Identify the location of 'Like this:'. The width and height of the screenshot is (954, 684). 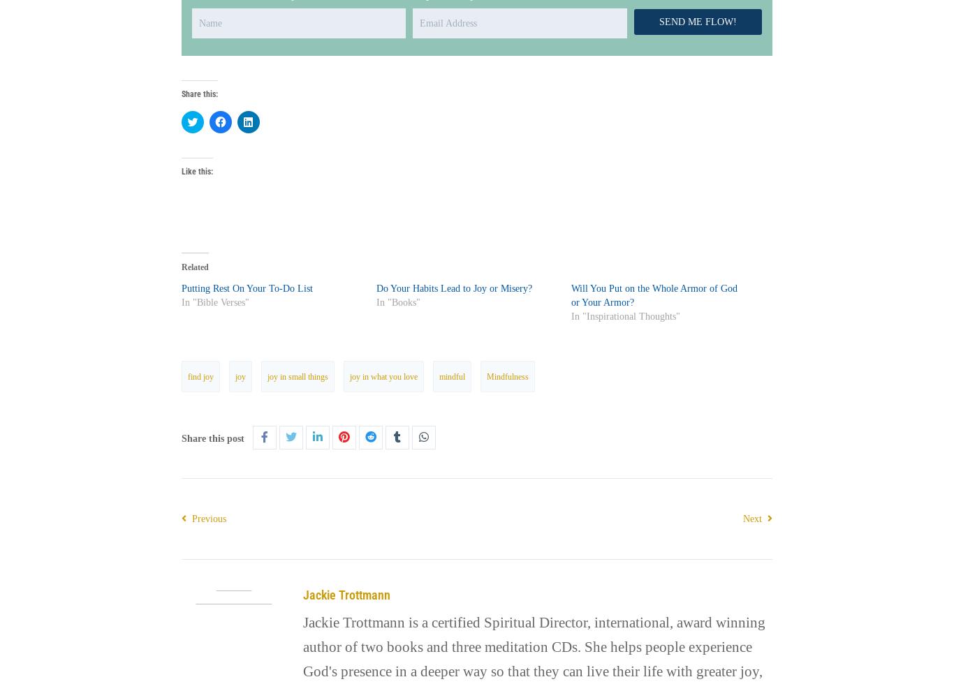
(196, 171).